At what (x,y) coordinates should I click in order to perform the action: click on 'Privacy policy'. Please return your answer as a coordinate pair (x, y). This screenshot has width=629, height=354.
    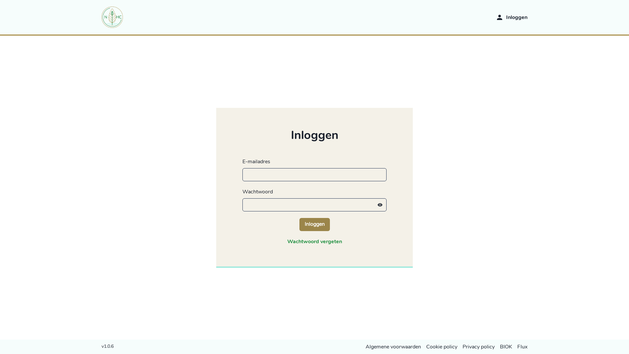
    Looking at the image, I should click on (478, 346).